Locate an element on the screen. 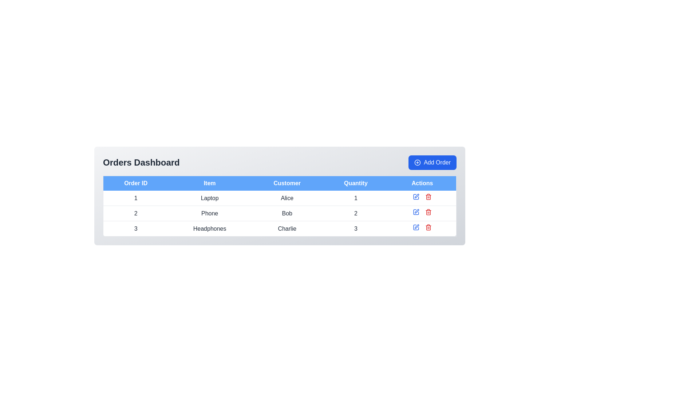  the blue square icon button containing a pen symbol in the 'Actions' column of the first row of the table is located at coordinates (416, 196).